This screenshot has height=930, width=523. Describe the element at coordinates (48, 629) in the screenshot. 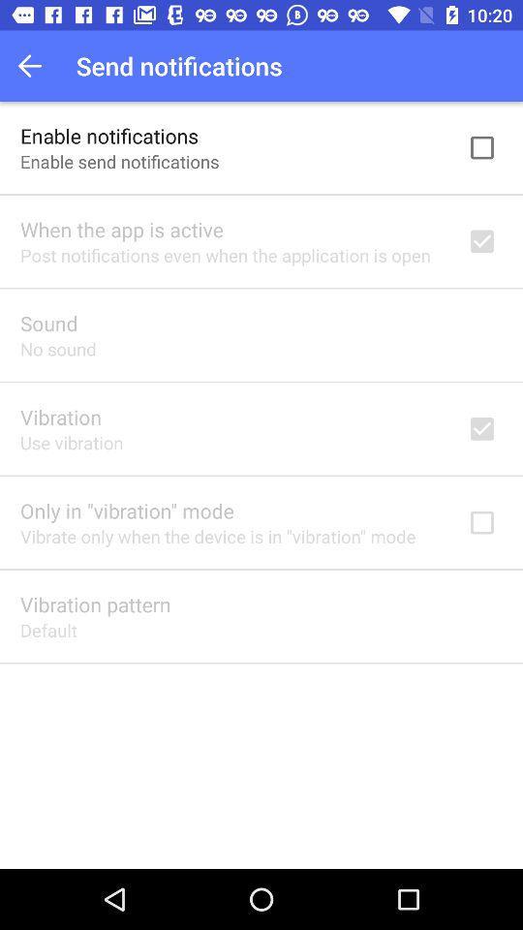

I see `default icon` at that location.